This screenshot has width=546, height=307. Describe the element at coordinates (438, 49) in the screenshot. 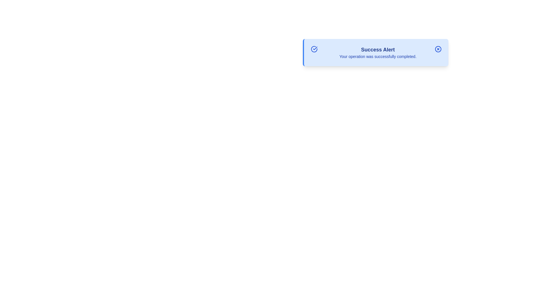

I see `the close button to observe the hover effects` at that location.